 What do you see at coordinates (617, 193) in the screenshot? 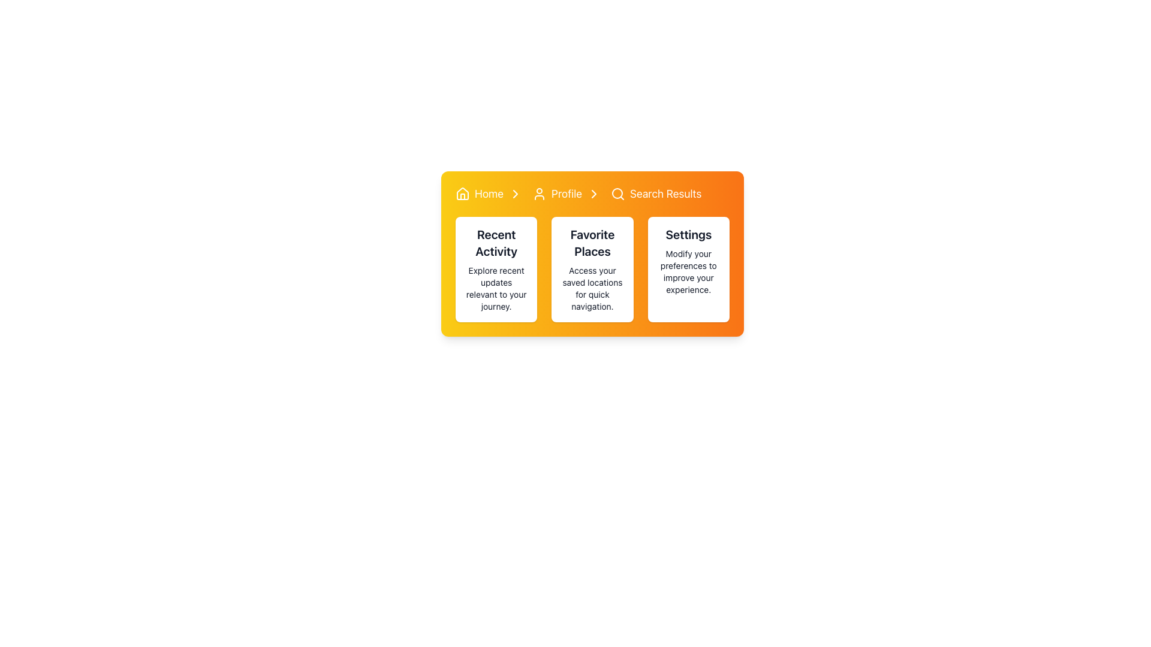
I see `the circular search icon located in the navigation bar next to 'Search Results'` at bounding box center [617, 193].